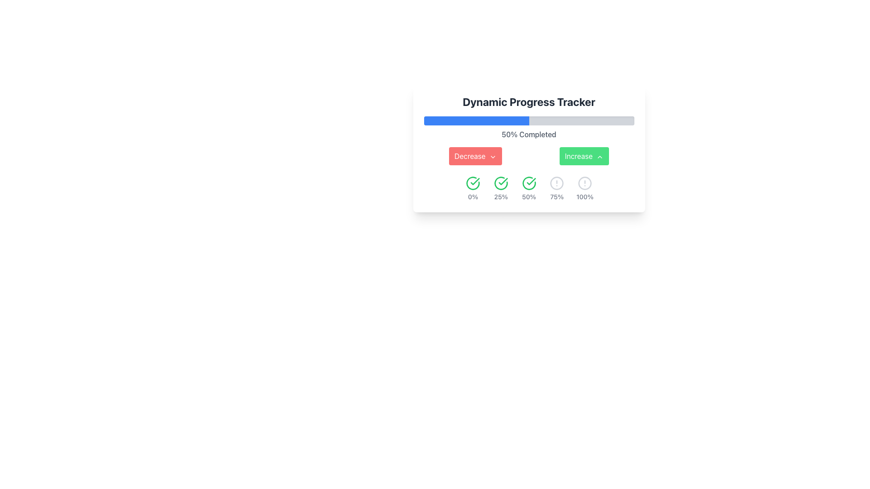 The height and width of the screenshot is (489, 870). I want to click on the 75% progress step element, which features a warning icon and descriptive text, so click(556, 188).